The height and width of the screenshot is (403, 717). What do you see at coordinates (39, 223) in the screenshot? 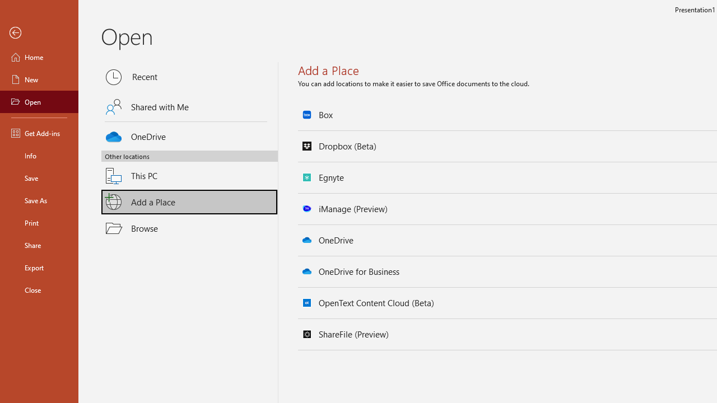
I see `'Print'` at bounding box center [39, 223].